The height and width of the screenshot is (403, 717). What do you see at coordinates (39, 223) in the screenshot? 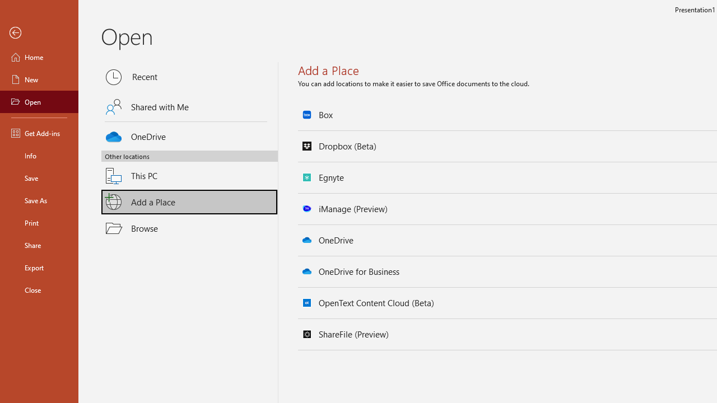
I see `'Print'` at bounding box center [39, 223].